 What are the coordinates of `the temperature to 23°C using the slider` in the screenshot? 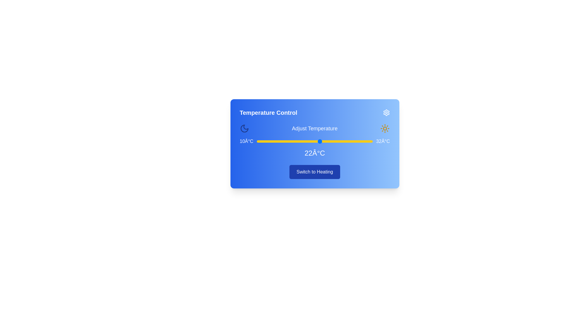 It's located at (325, 141).